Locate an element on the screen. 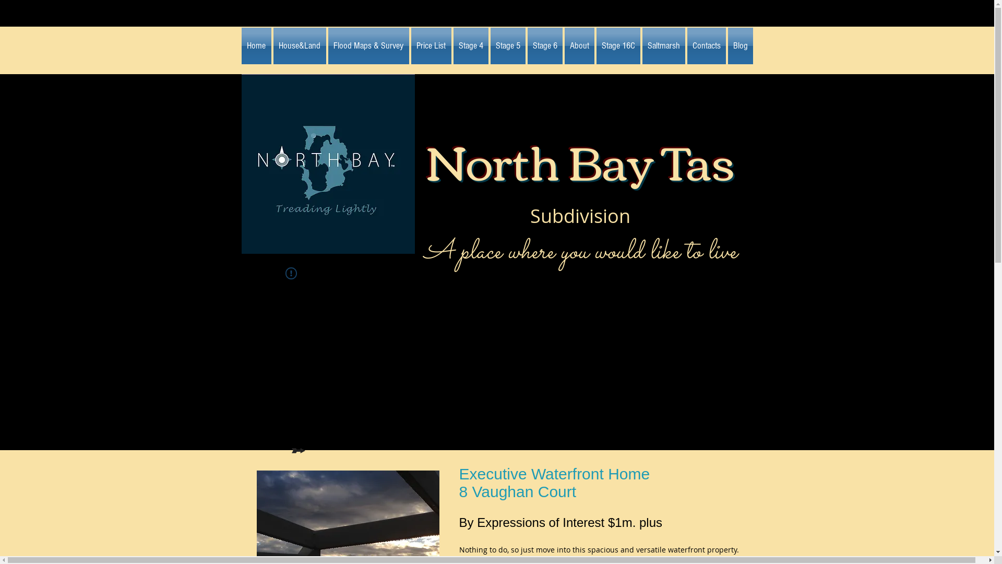 This screenshot has width=1002, height=564. 'Blog' is located at coordinates (738, 45).